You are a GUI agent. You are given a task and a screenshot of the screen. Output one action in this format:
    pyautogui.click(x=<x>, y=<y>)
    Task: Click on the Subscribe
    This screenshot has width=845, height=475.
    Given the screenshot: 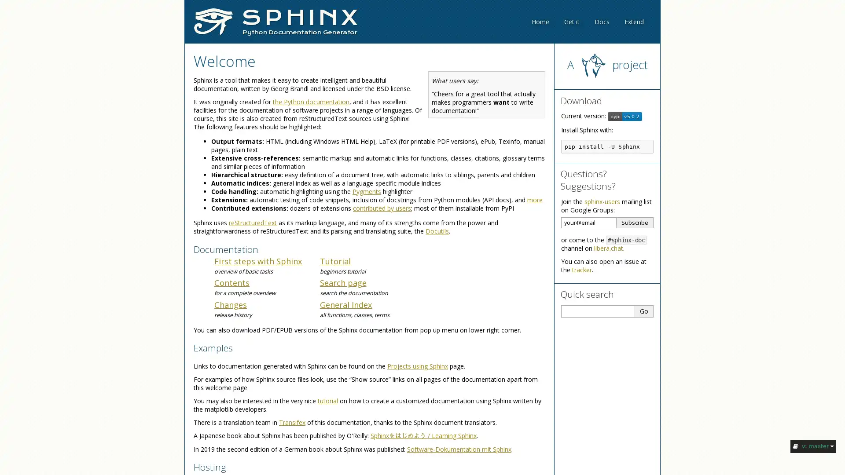 What is the action you would take?
    pyautogui.click(x=635, y=222)
    